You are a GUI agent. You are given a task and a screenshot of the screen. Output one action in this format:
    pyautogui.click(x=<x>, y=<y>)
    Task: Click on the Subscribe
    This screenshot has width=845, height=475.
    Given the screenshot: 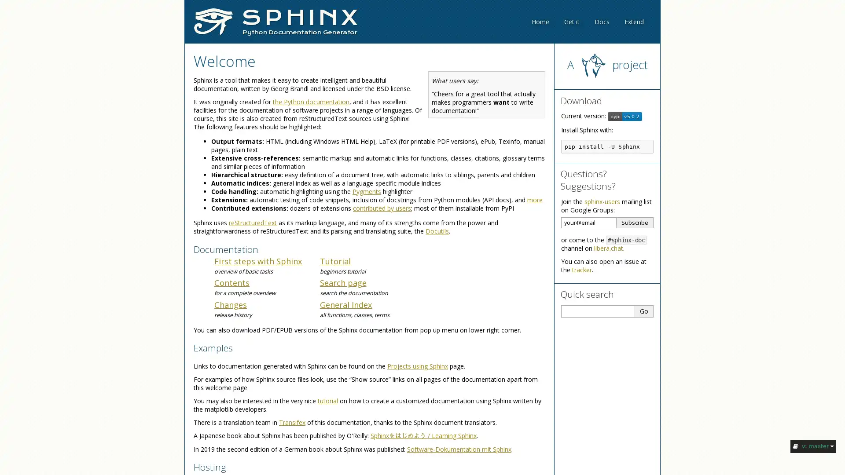 What is the action you would take?
    pyautogui.click(x=635, y=222)
    